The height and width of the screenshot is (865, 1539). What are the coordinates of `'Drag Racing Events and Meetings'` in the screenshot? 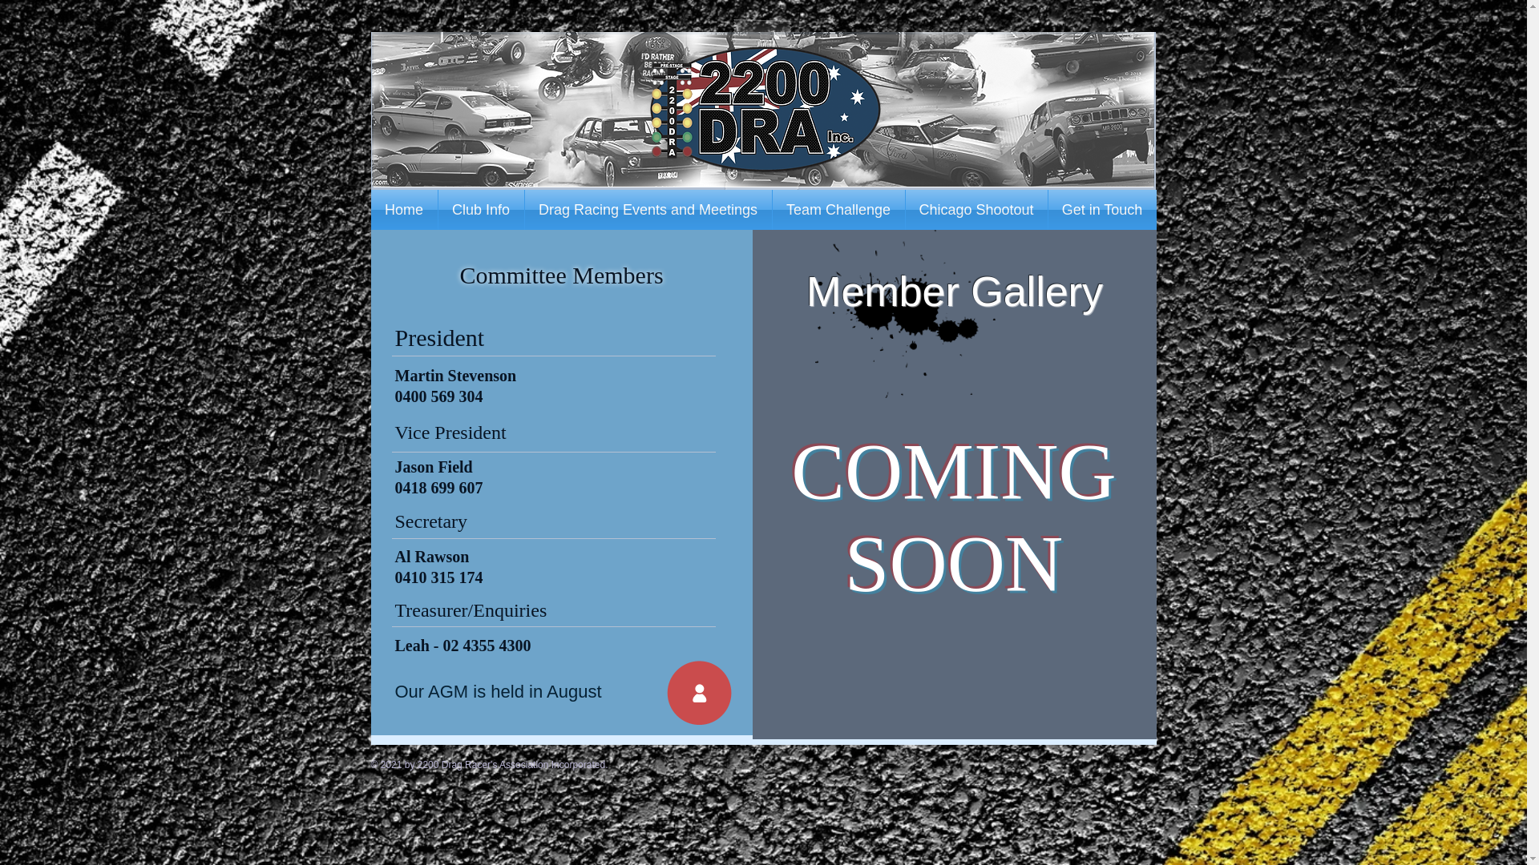 It's located at (647, 209).